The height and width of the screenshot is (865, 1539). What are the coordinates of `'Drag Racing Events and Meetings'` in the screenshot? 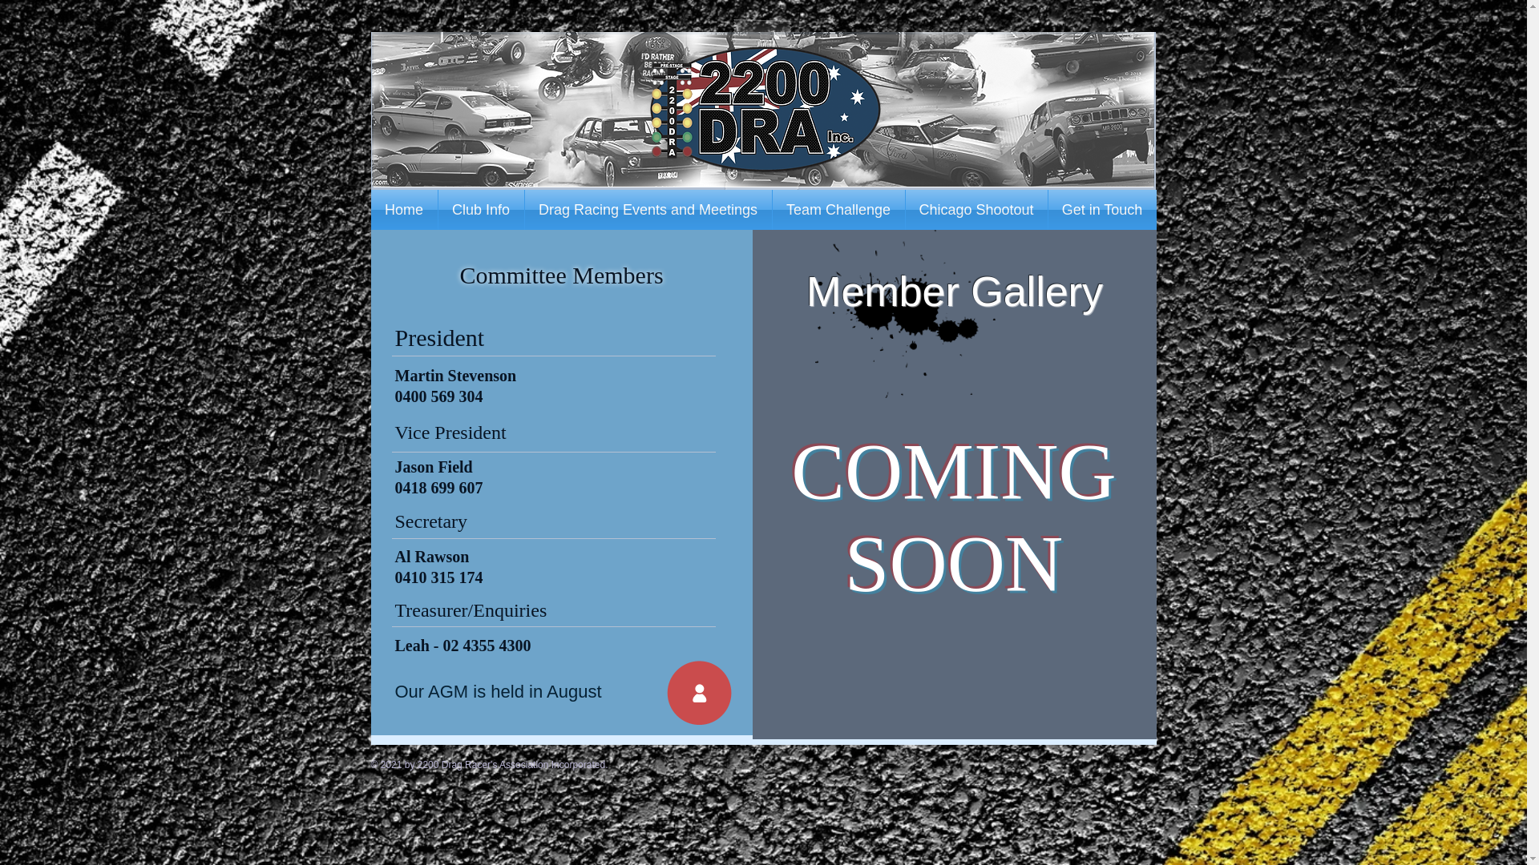 It's located at (647, 209).